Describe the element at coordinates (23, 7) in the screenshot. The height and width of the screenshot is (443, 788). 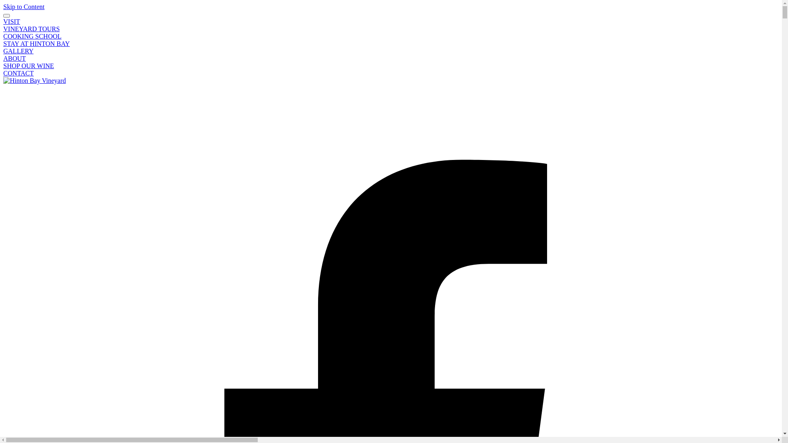
I see `'Skip to Content'` at that location.